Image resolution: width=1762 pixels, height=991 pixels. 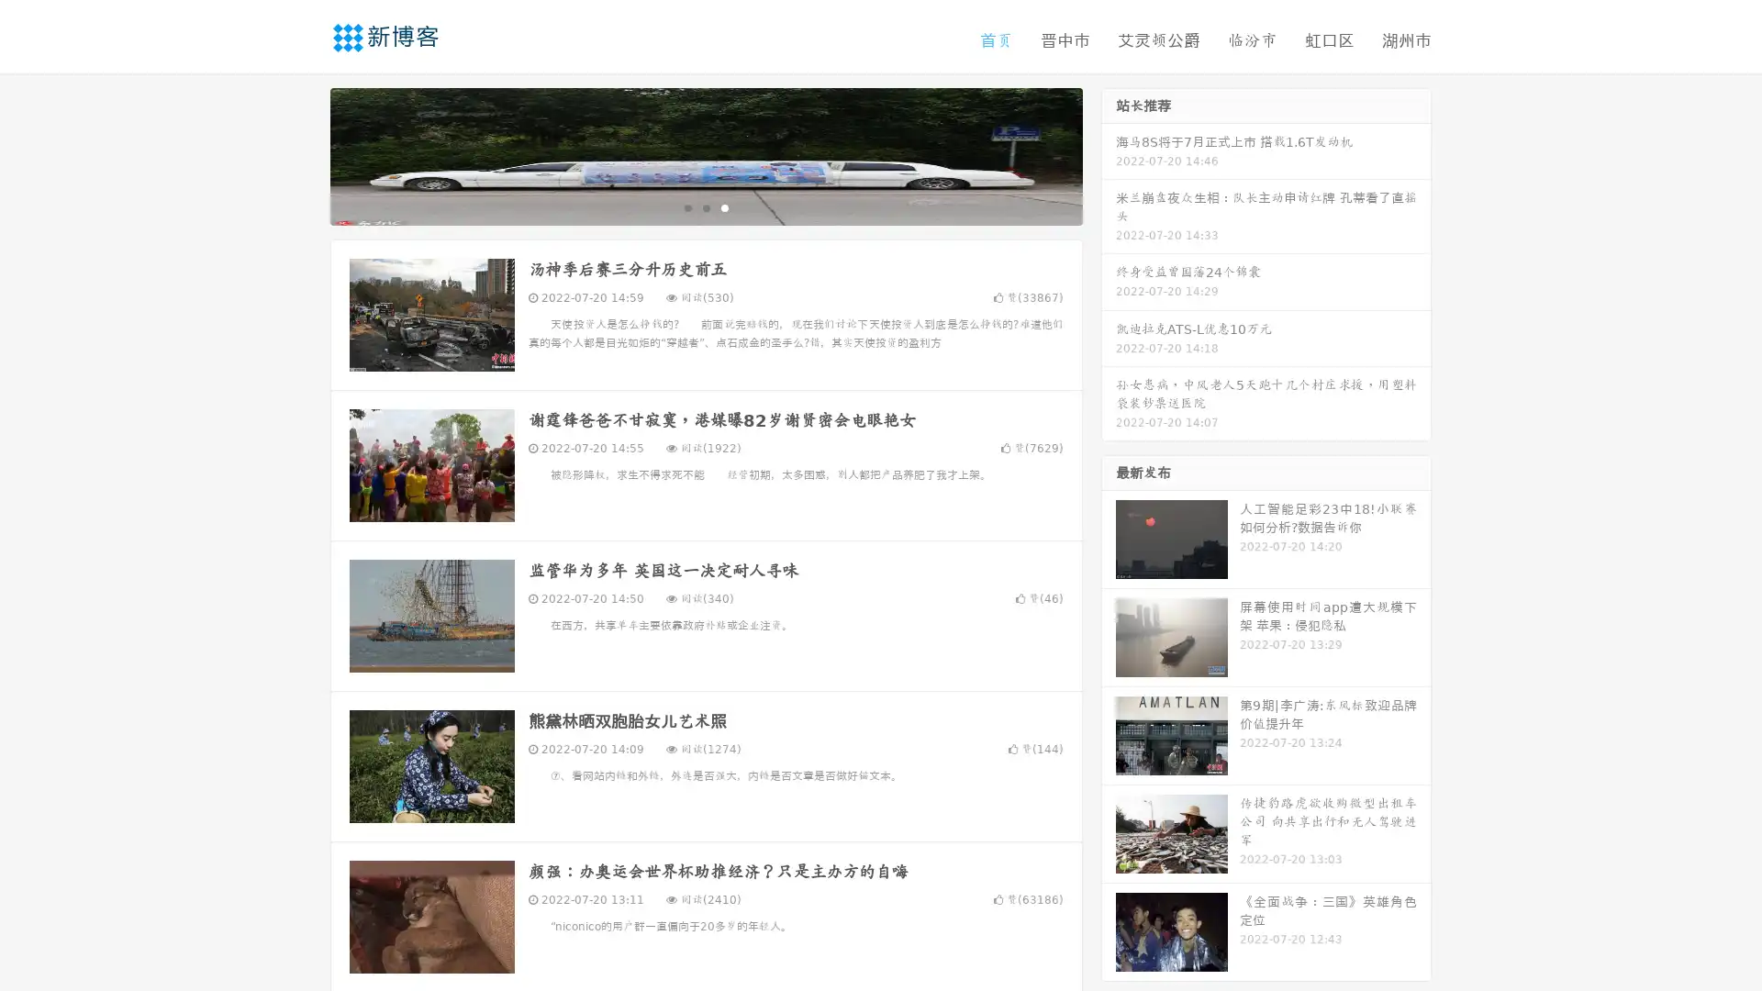 I want to click on Go to slide 3, so click(x=724, y=206).